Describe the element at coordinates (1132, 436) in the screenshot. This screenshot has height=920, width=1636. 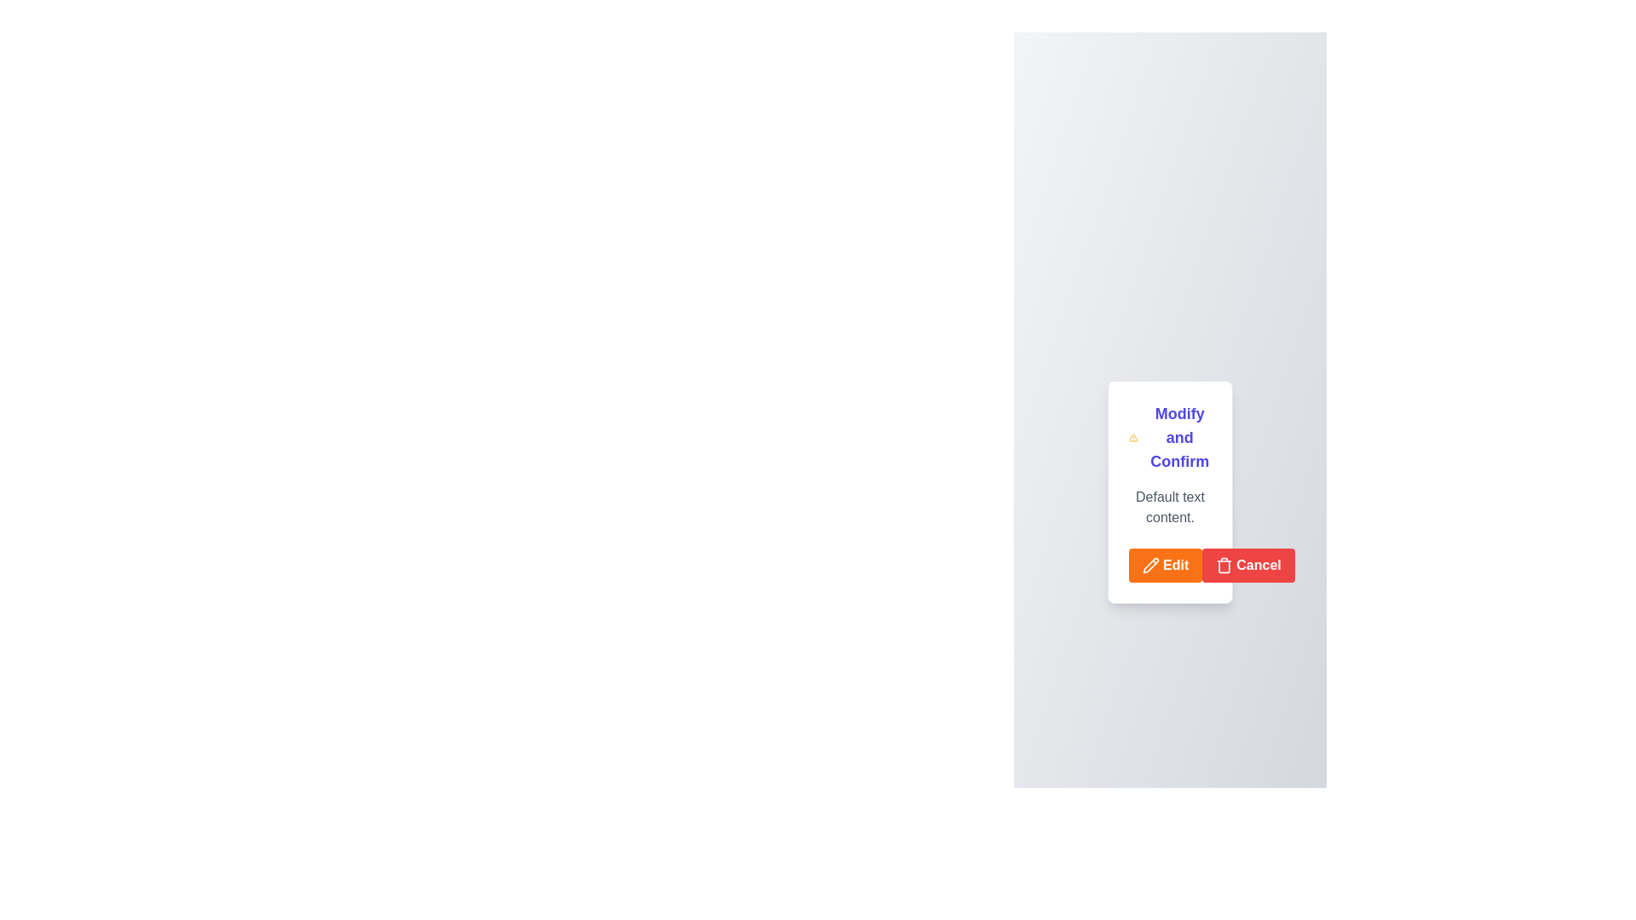
I see `the warning alert icon located at the top of the card, left of the 'Modify and Confirm' text` at that location.